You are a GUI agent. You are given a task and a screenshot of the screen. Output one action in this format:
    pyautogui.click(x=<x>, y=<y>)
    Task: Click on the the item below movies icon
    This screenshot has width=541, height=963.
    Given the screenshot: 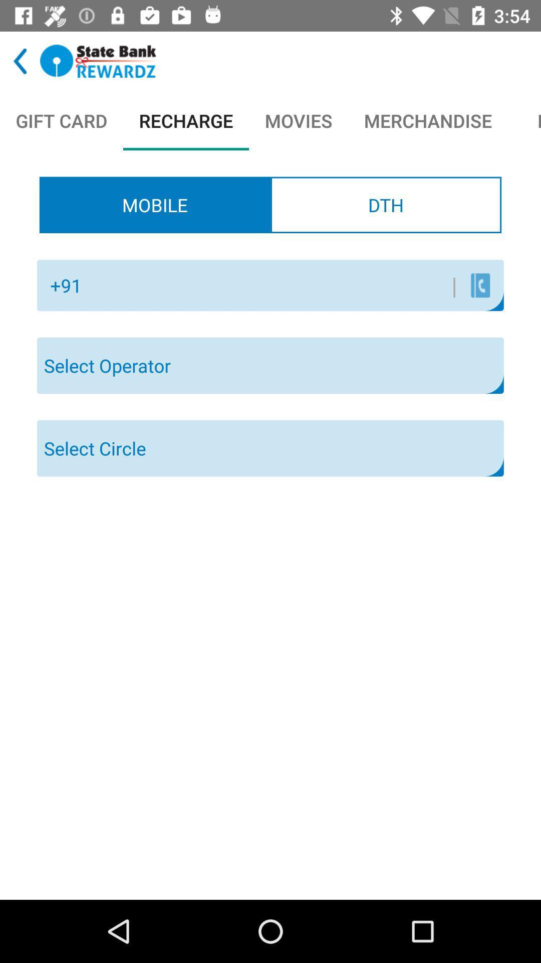 What is the action you would take?
    pyautogui.click(x=385, y=204)
    